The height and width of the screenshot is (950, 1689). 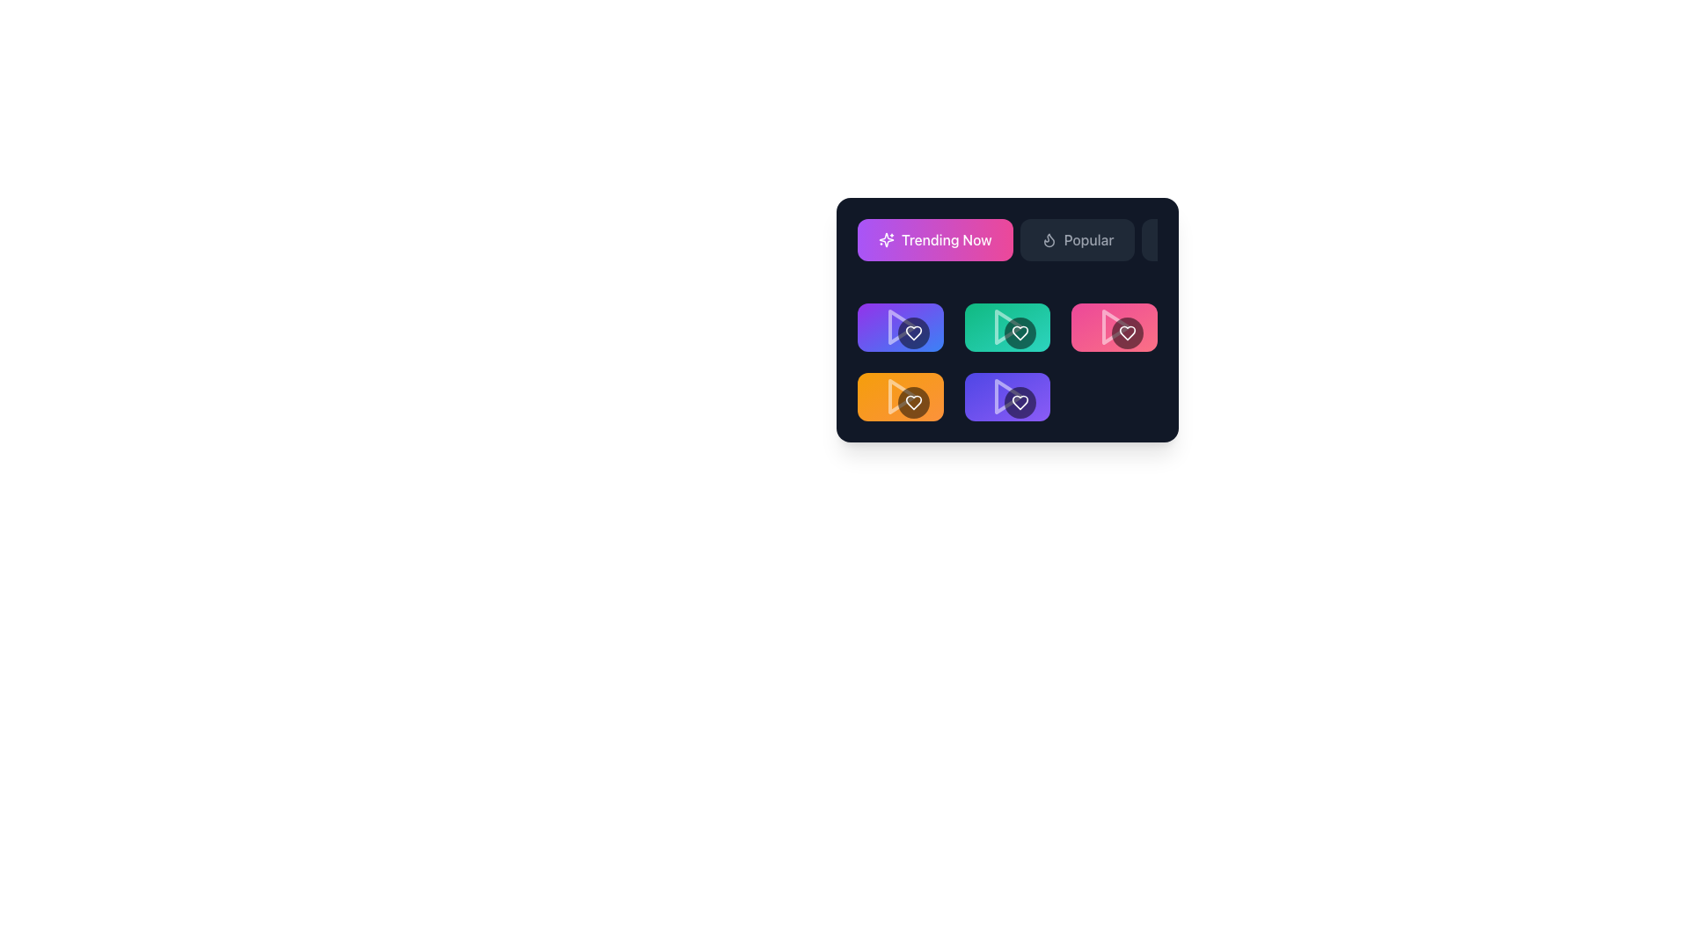 I want to click on the visual icon element located in the third row of the pink segment, so click(x=1106, y=319).